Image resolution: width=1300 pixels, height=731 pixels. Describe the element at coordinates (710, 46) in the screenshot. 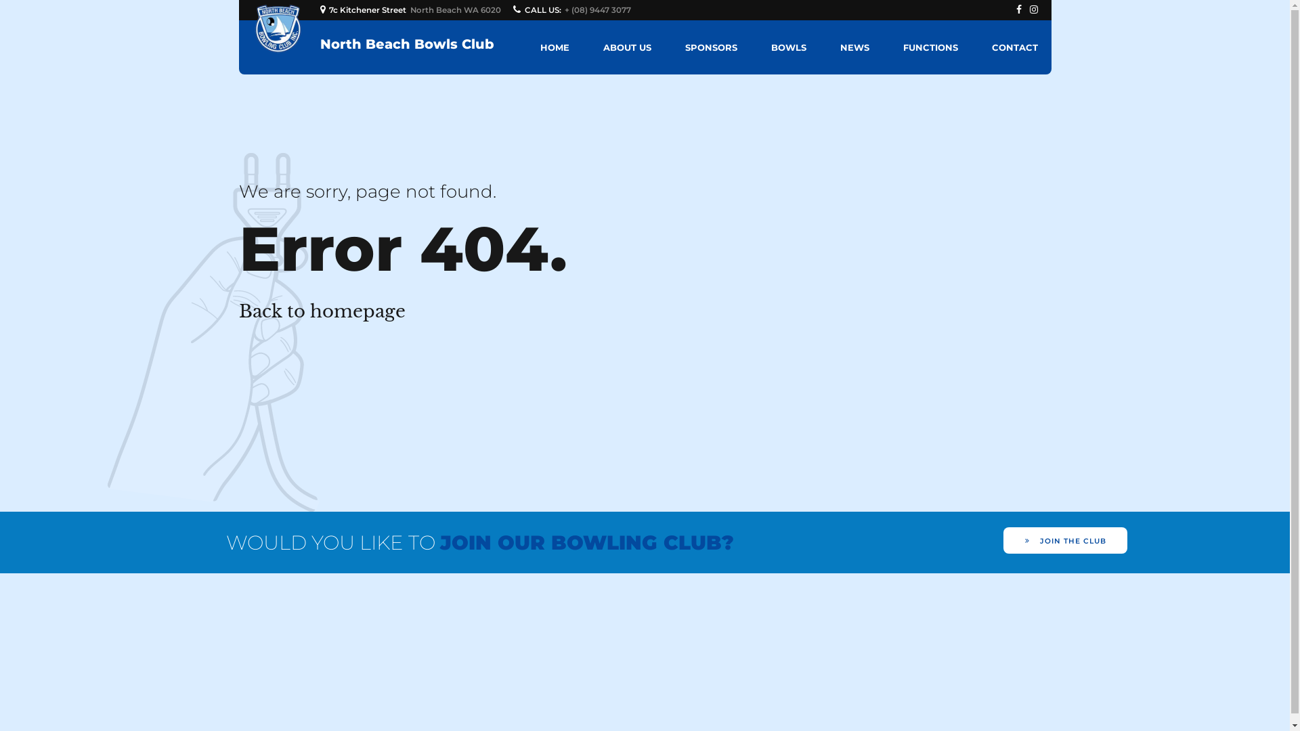

I see `'SPONSORS'` at that location.